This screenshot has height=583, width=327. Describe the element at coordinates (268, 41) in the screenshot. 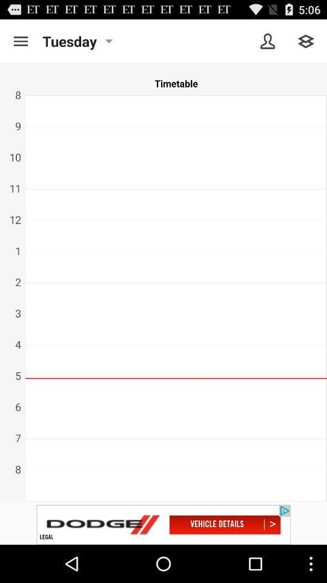

I see `user profile` at that location.